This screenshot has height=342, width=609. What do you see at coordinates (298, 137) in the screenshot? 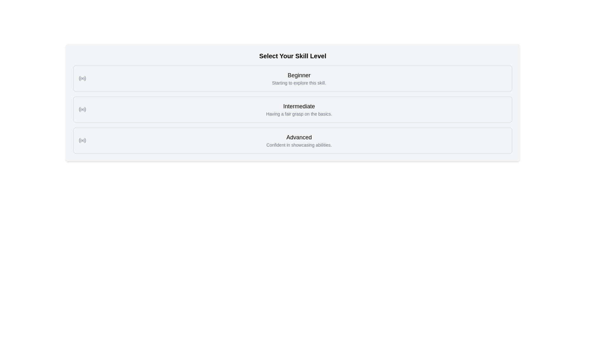
I see `text label displaying 'Advanced' which is bold and larger than the accompanying text, positioned at the top of the card-like component` at bounding box center [298, 137].